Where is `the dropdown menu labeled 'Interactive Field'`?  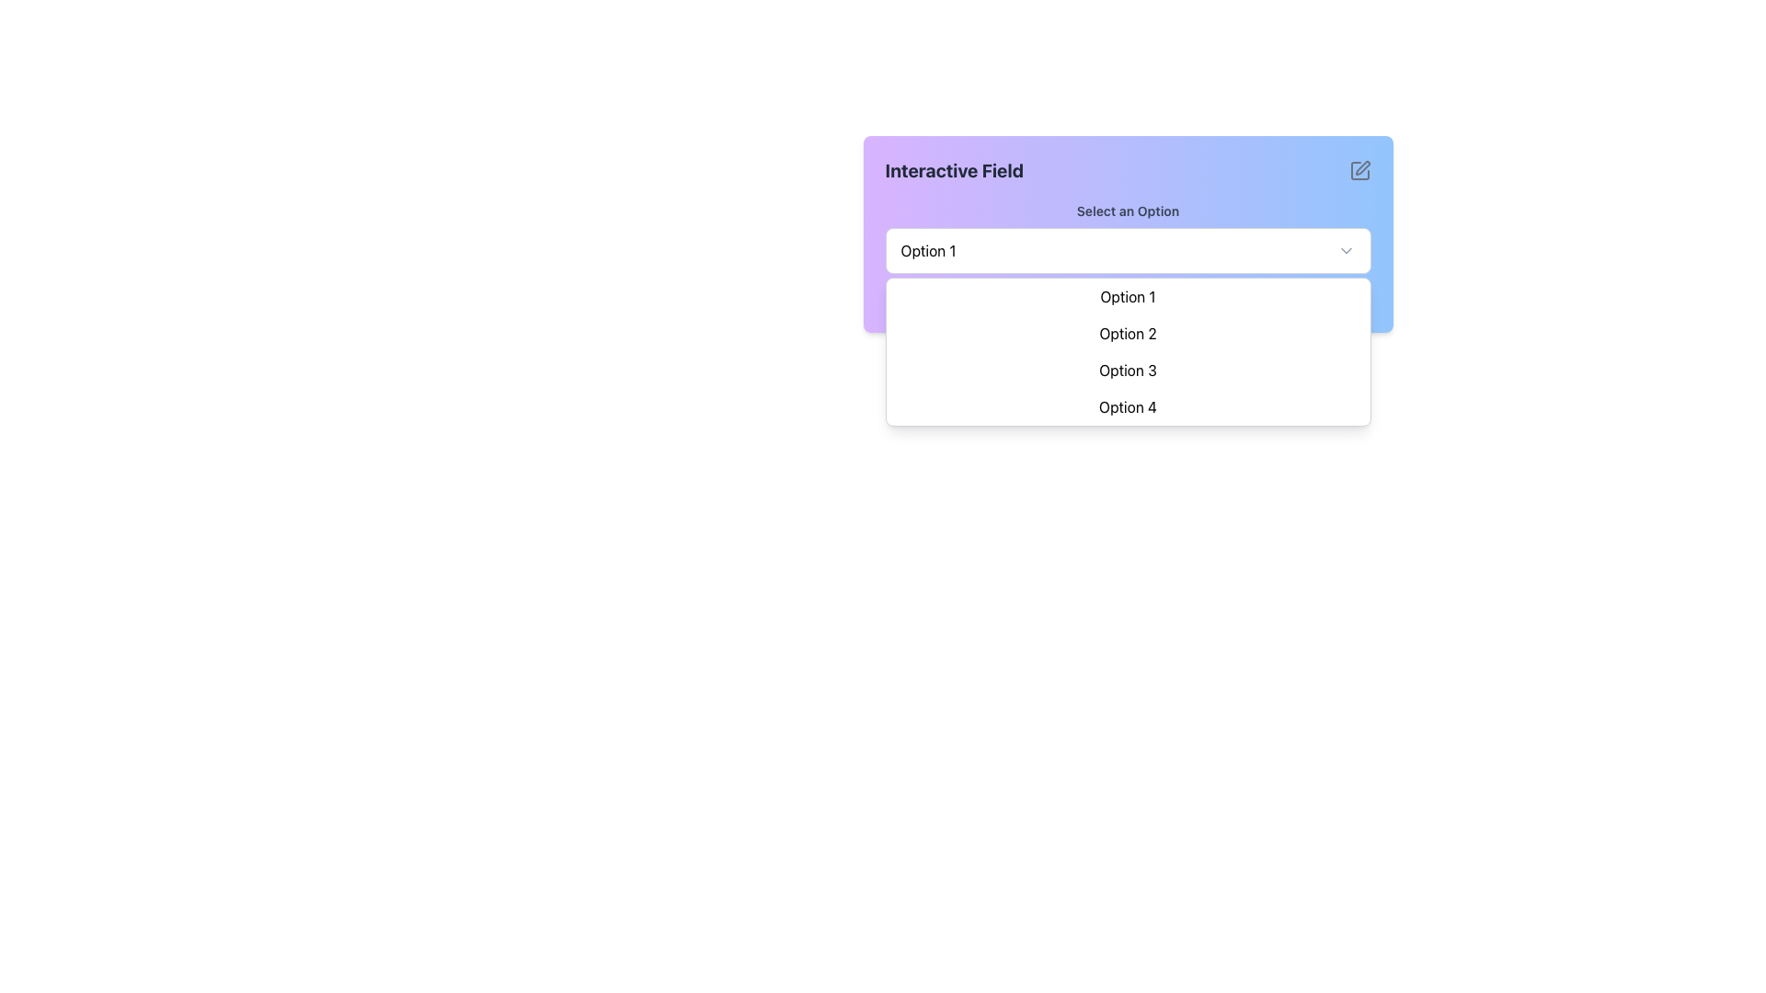 the dropdown menu labeled 'Interactive Field' is located at coordinates (1127, 233).